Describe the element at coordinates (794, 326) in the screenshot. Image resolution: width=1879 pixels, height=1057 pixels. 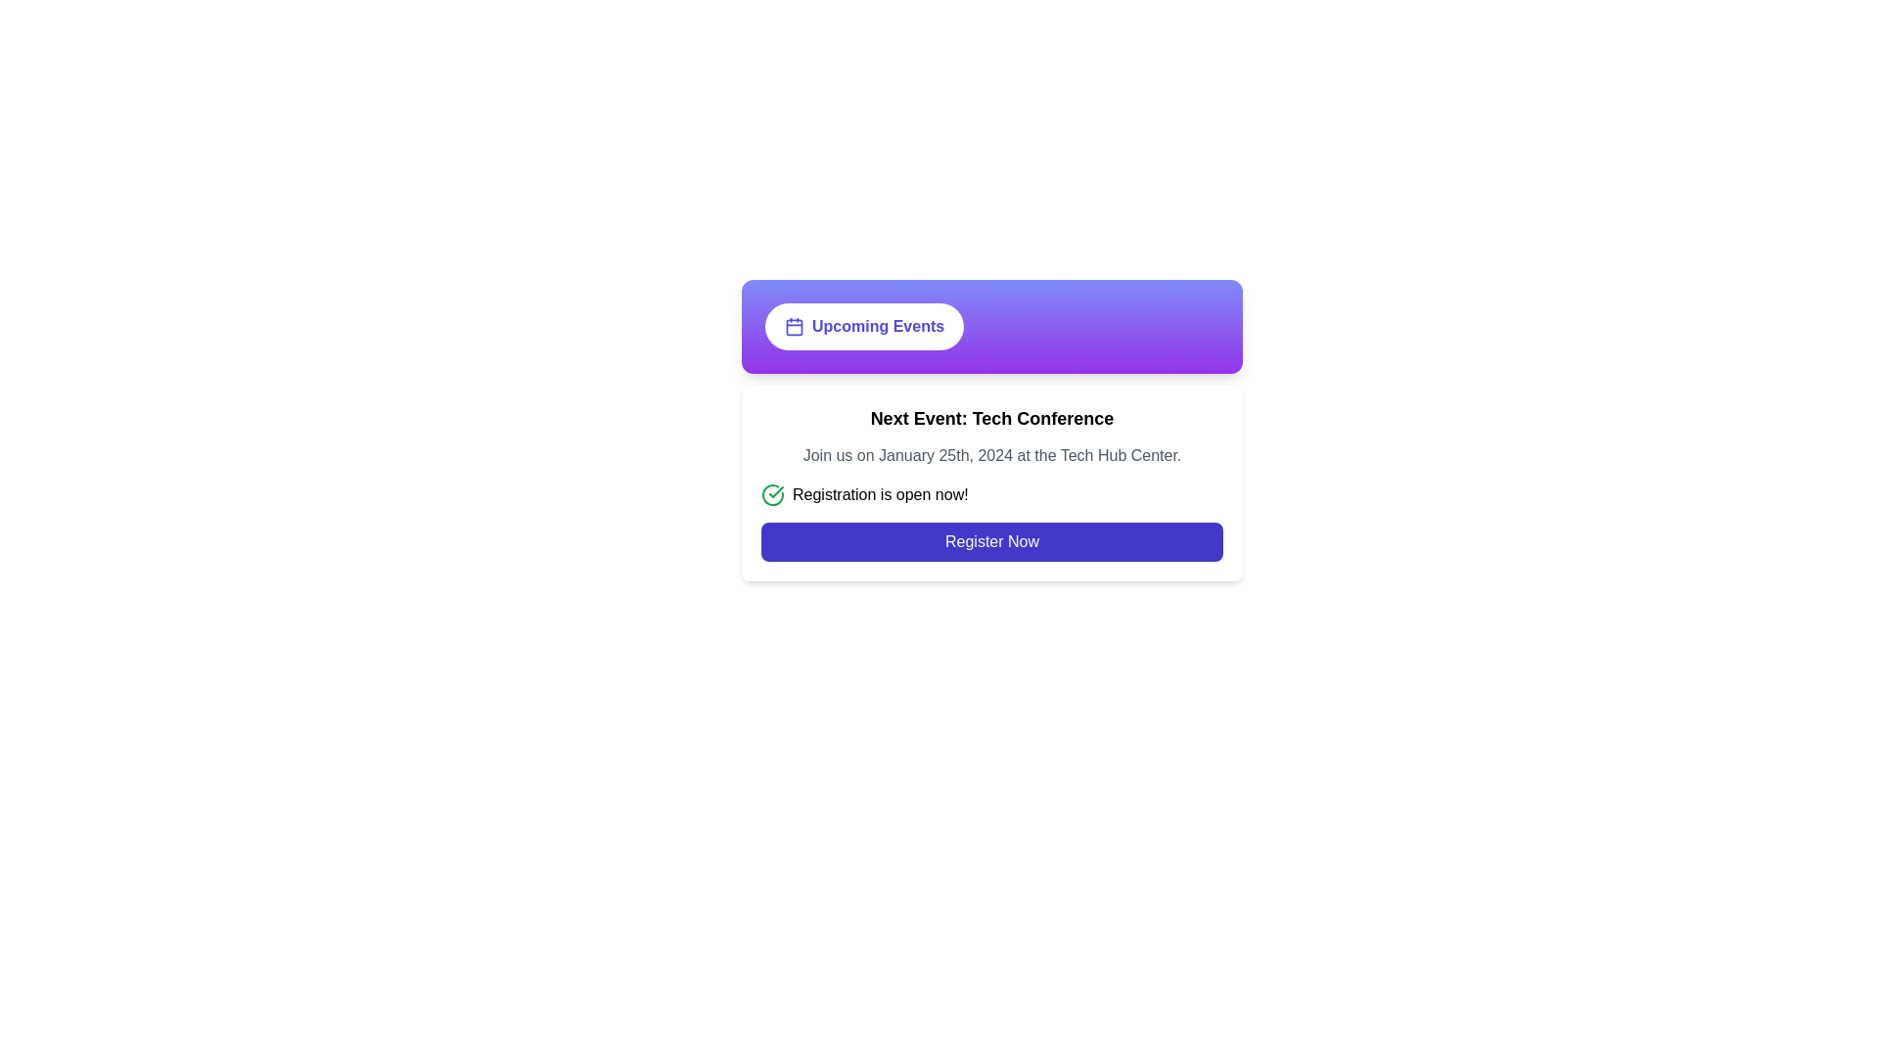
I see `the calendar icon located on the leftmost part of the 'Upcoming Events' button, which is situated in the upper region of a card with a gradient background` at that location.